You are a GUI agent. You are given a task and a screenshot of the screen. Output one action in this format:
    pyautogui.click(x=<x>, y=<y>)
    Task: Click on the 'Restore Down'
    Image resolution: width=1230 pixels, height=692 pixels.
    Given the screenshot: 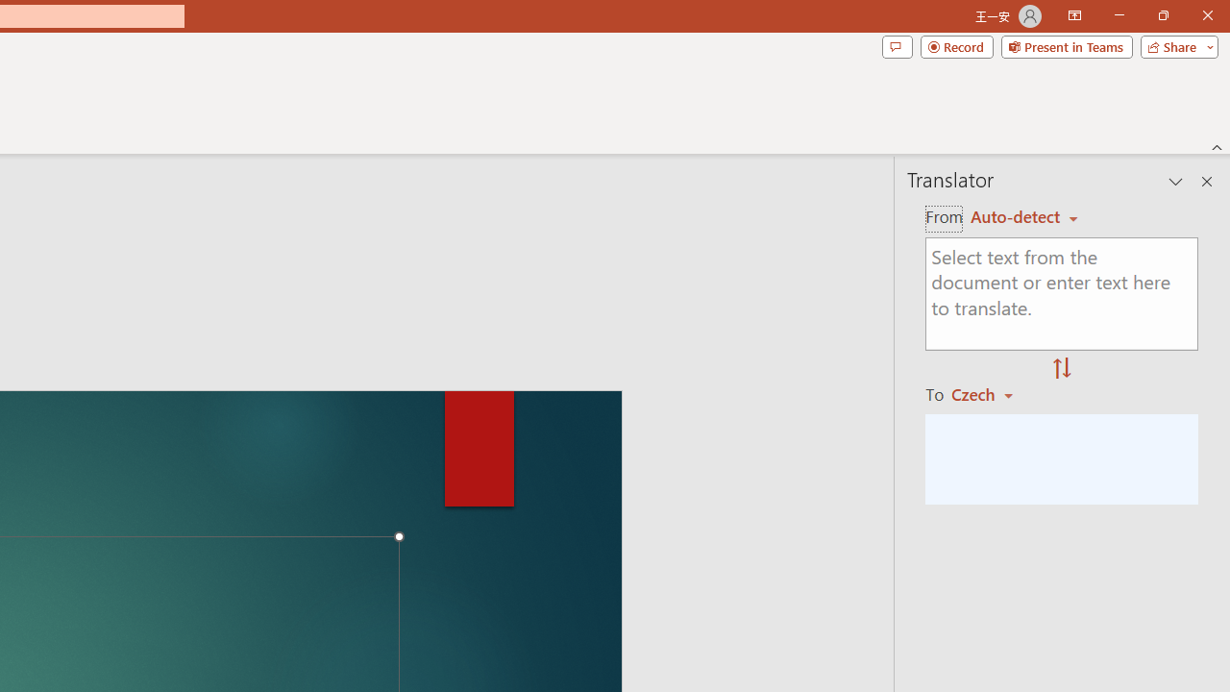 What is the action you would take?
    pyautogui.click(x=1162, y=15)
    